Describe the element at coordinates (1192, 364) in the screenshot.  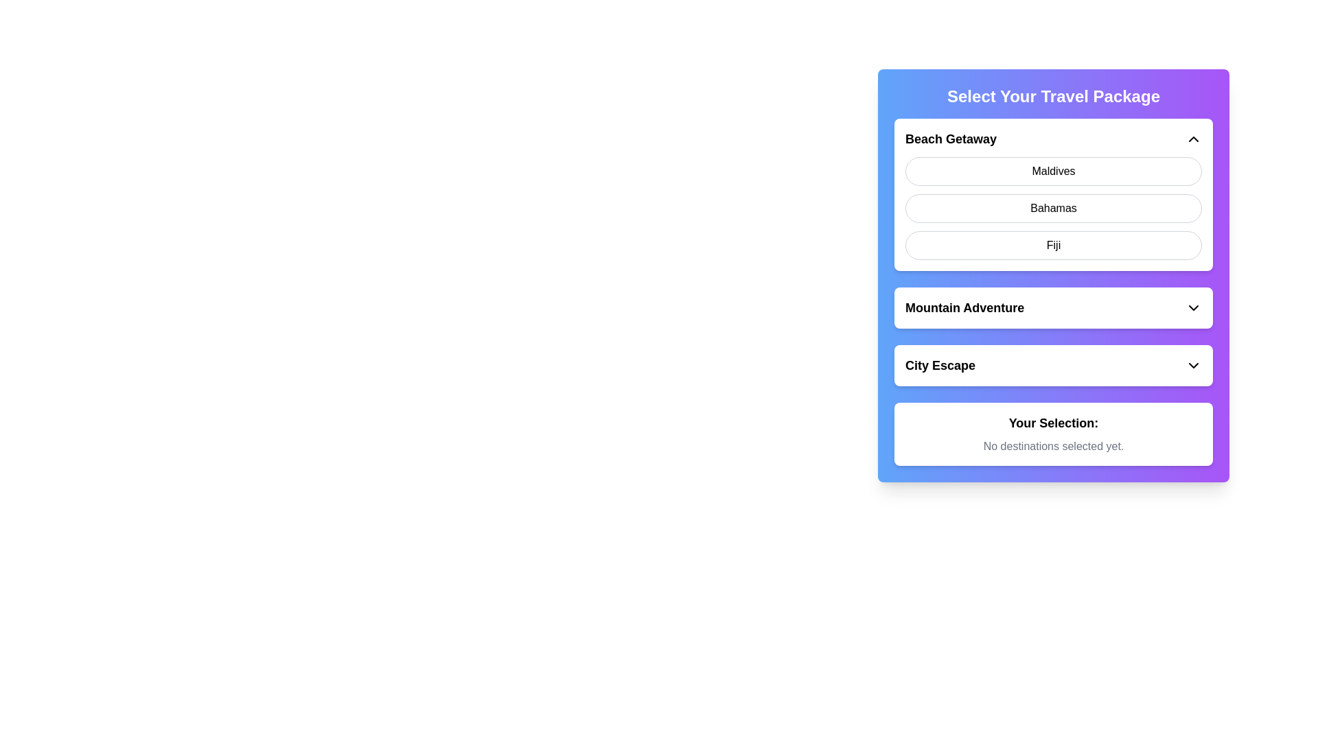
I see `the downward-facing chevron icon with a sleek black outline, located beside the 'City Escape' label` at that location.